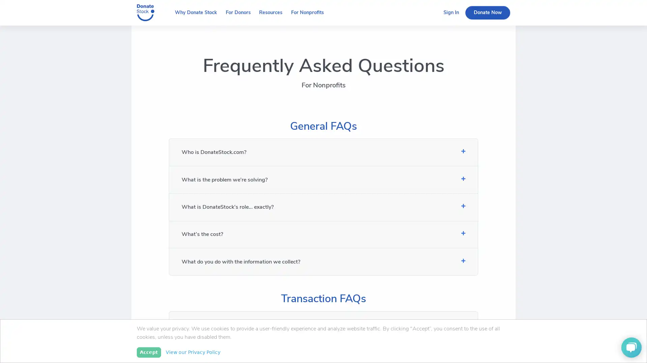 The height and width of the screenshot is (363, 647). I want to click on Accept, so click(148, 352).